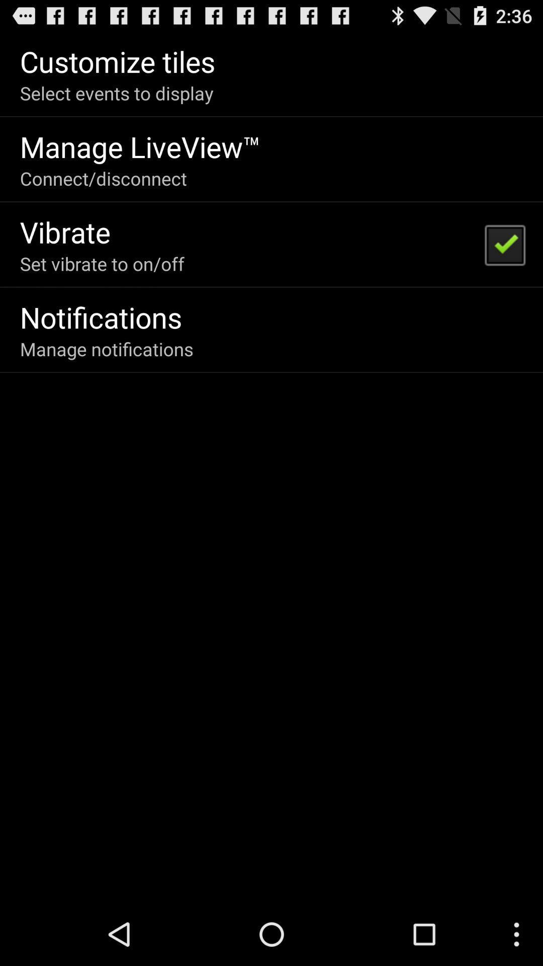 This screenshot has width=543, height=966. Describe the element at coordinates (504, 244) in the screenshot. I see `icon to the right of the set vibrate to item` at that location.